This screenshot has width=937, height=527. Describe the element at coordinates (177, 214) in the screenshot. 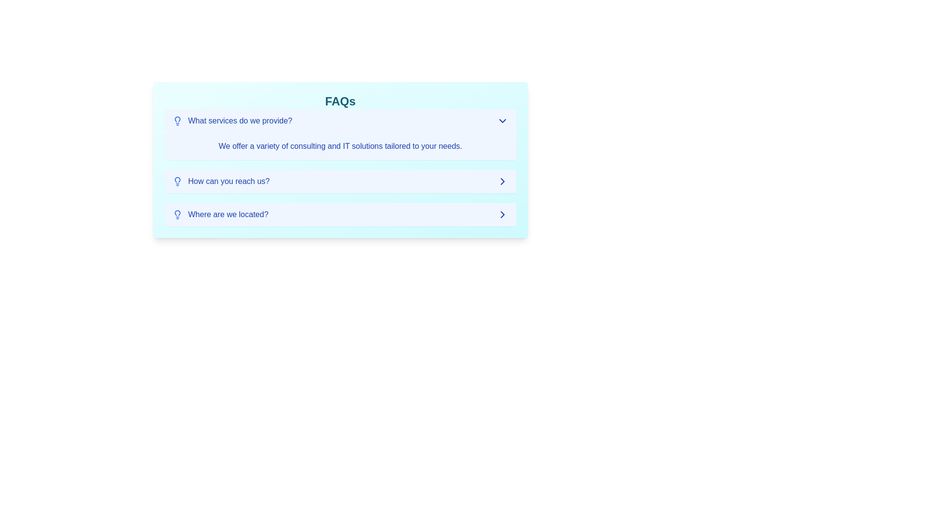

I see `the light bulb icon with a blue stroke, positioned next to the text 'Where are we located?' in the FAQs section` at that location.